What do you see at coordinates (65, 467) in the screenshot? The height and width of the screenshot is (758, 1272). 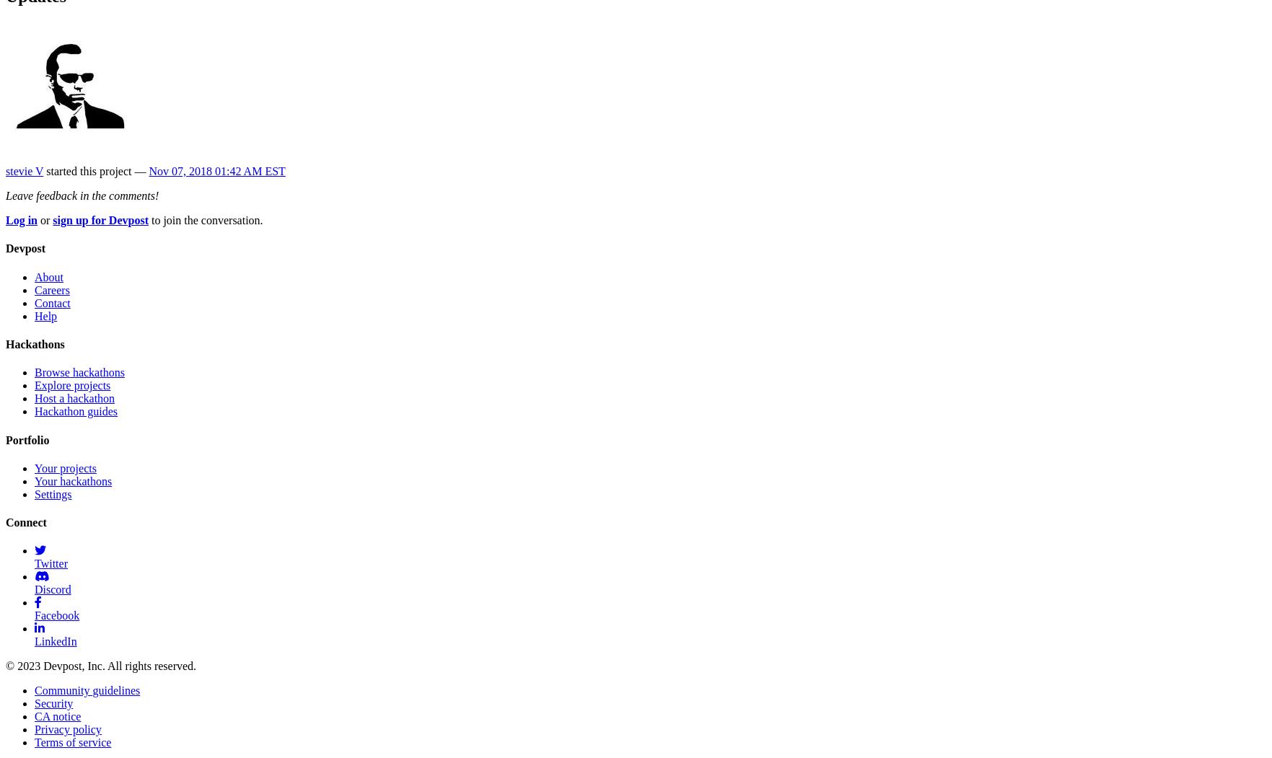 I see `'Your projects'` at bounding box center [65, 467].